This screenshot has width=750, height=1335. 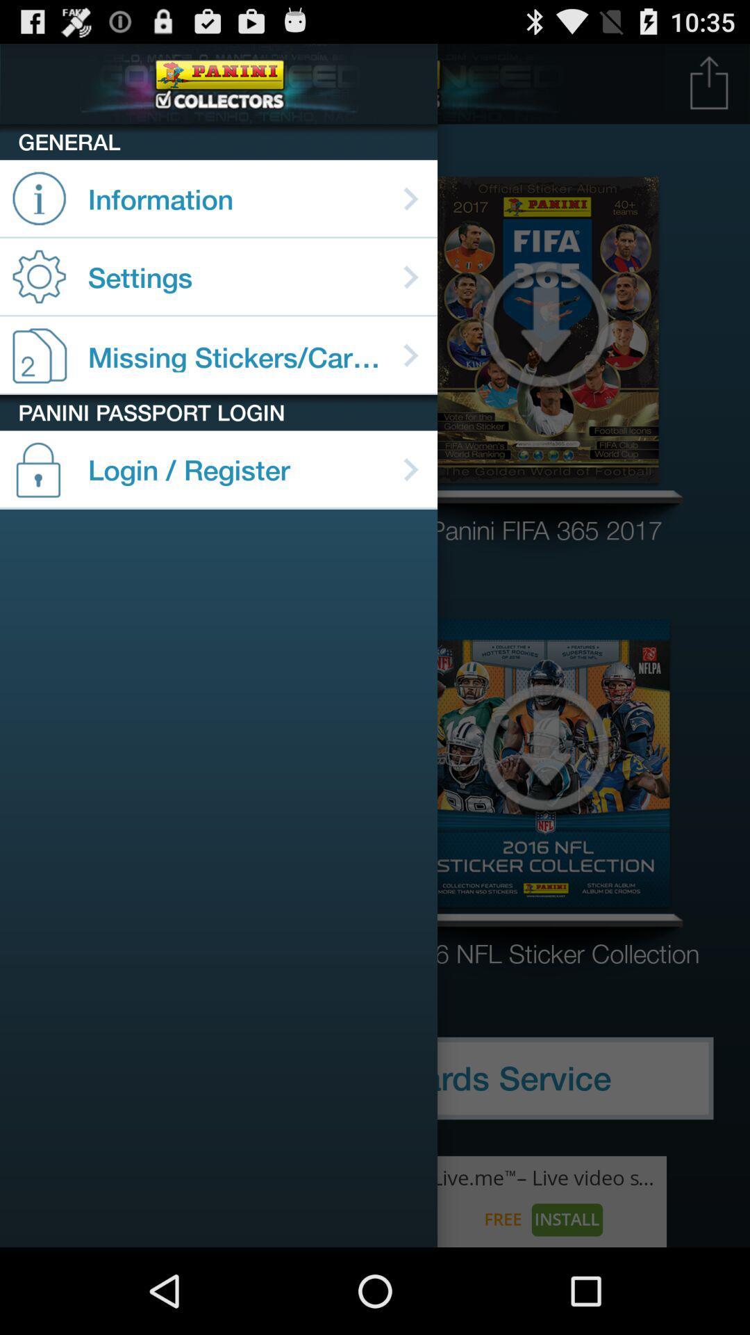 What do you see at coordinates (545, 798) in the screenshot?
I see `the arrow_downward icon` at bounding box center [545, 798].